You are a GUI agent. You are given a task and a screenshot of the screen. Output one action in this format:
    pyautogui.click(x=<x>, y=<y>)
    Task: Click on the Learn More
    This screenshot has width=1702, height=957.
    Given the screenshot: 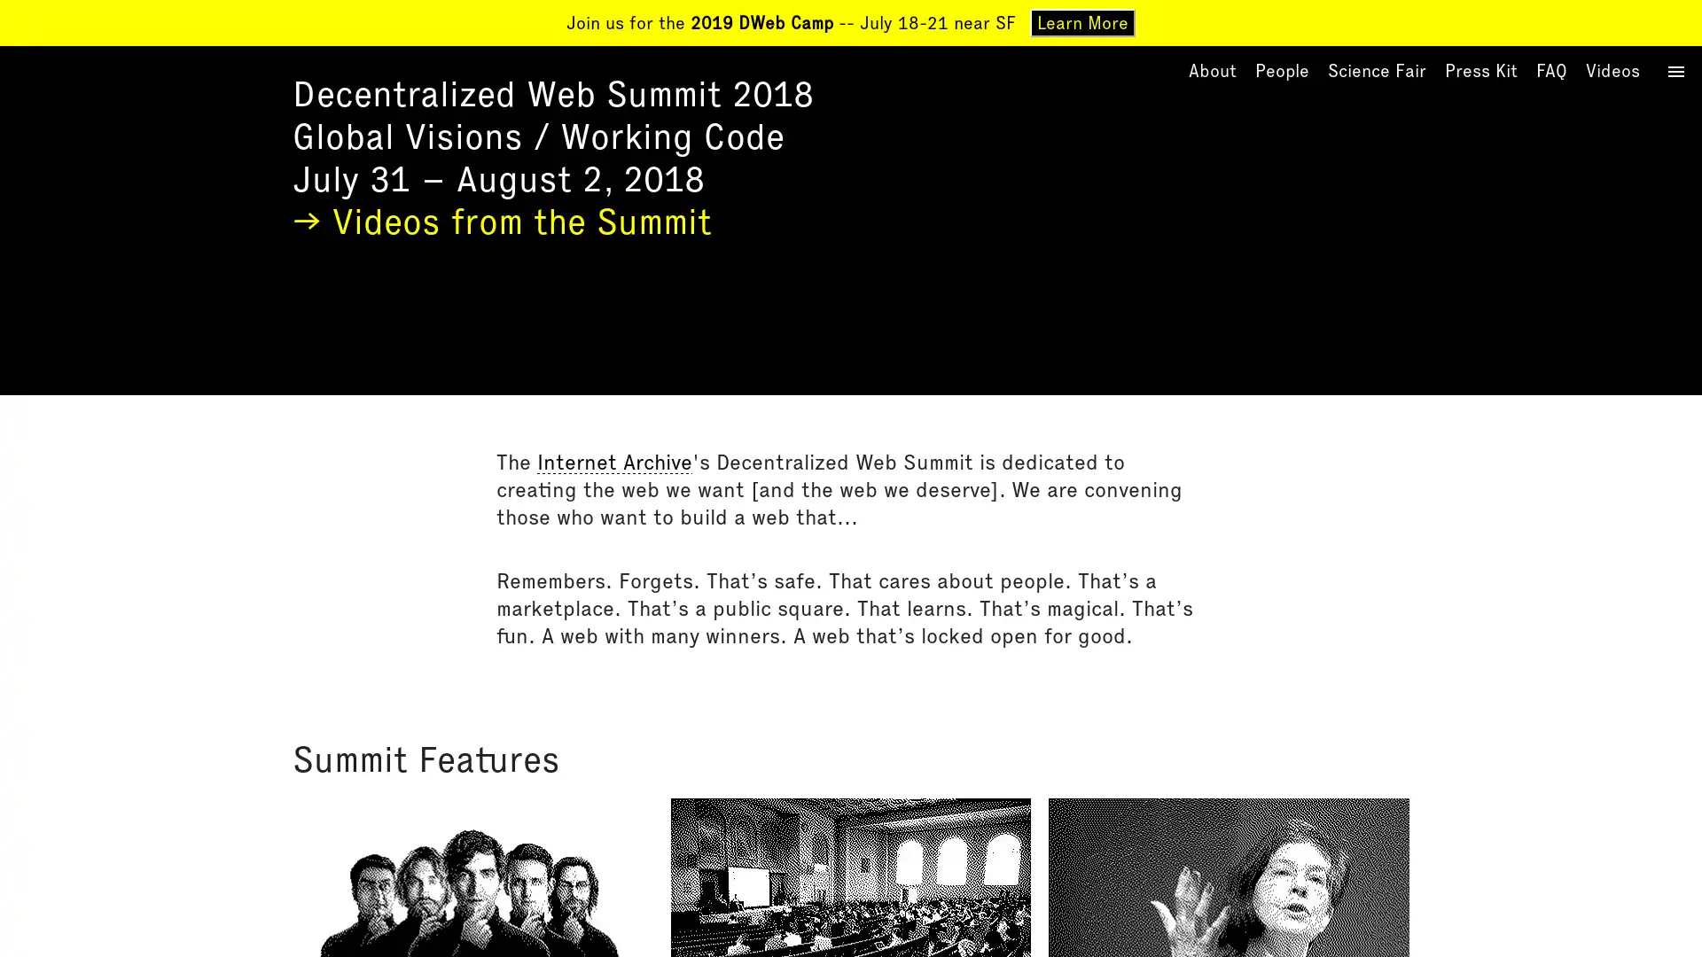 What is the action you would take?
    pyautogui.click(x=1081, y=23)
    